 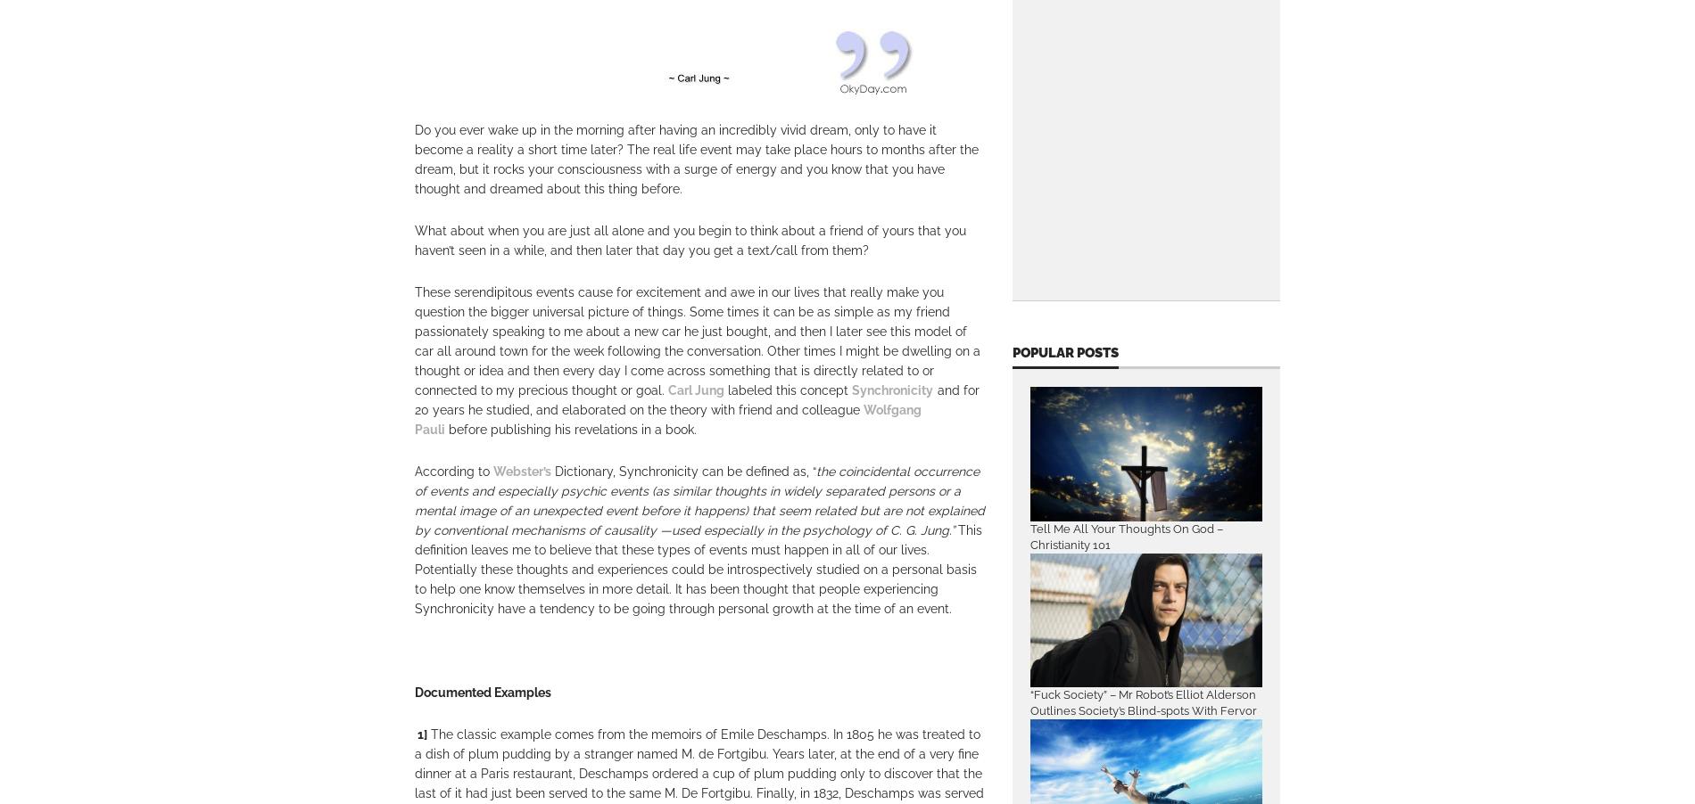 I want to click on 'before publishing his revelations in a book.', so click(x=570, y=429).